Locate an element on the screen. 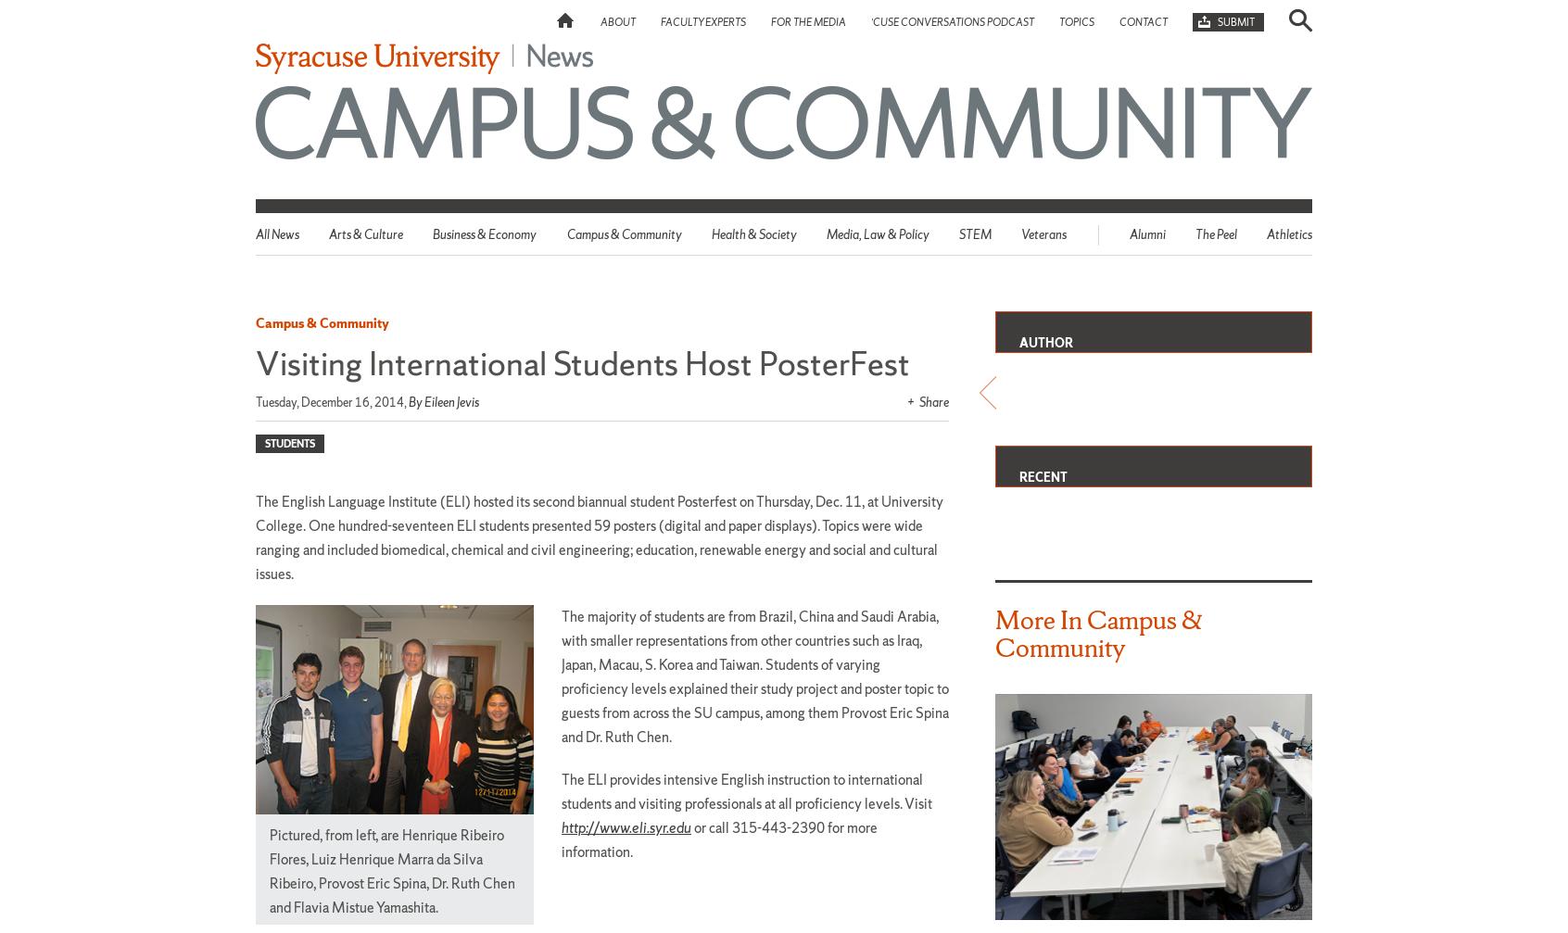  'Media, Law & Policy' is located at coordinates (877, 234).